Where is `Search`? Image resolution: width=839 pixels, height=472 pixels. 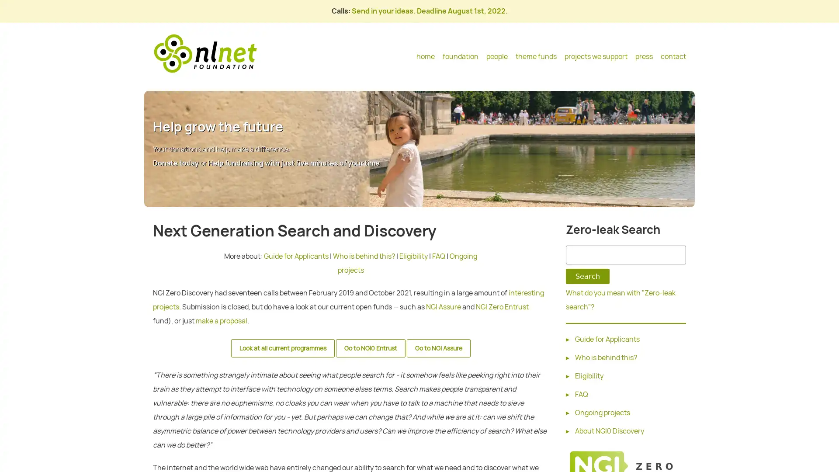
Search is located at coordinates (587, 276).